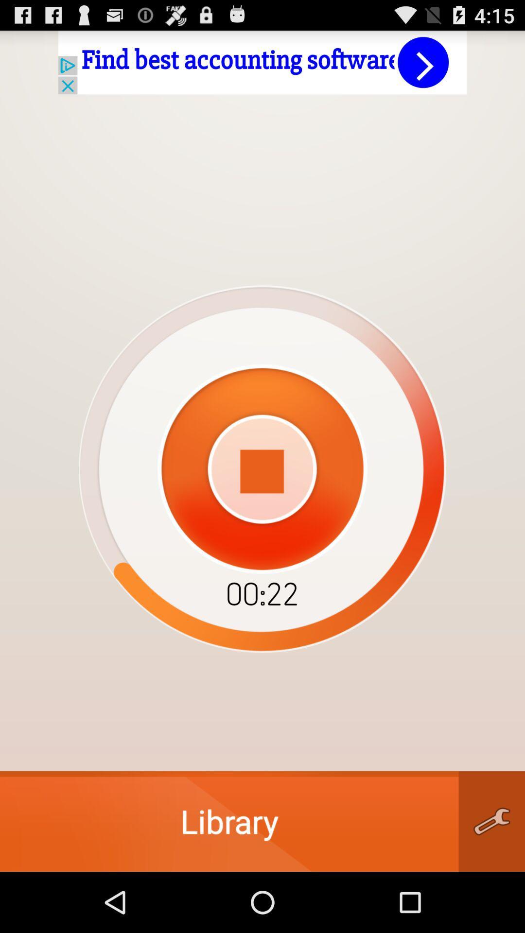  I want to click on the build icon, so click(491, 879).